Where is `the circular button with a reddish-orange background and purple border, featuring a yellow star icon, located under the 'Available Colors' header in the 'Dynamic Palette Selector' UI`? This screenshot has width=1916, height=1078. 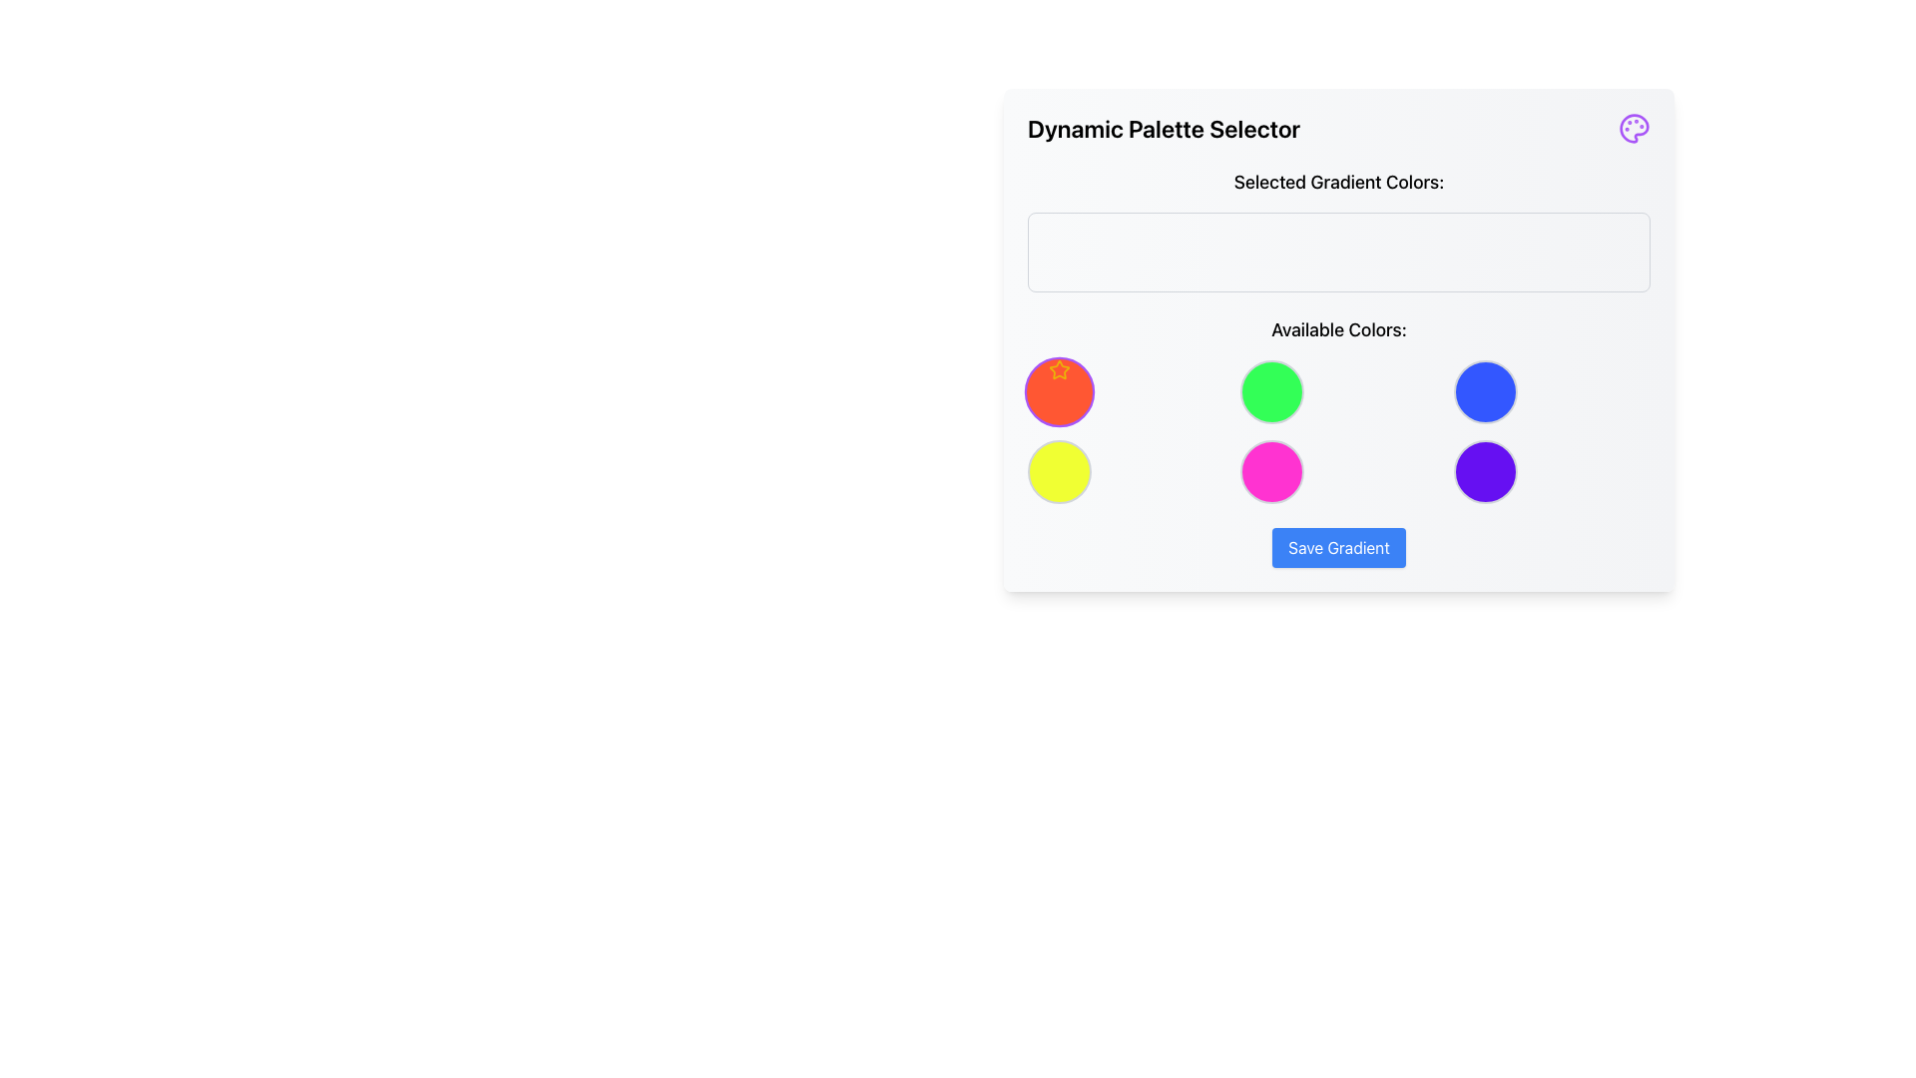
the circular button with a reddish-orange background and purple border, featuring a yellow star icon, located under the 'Available Colors' header in the 'Dynamic Palette Selector' UI is located at coordinates (1058, 392).